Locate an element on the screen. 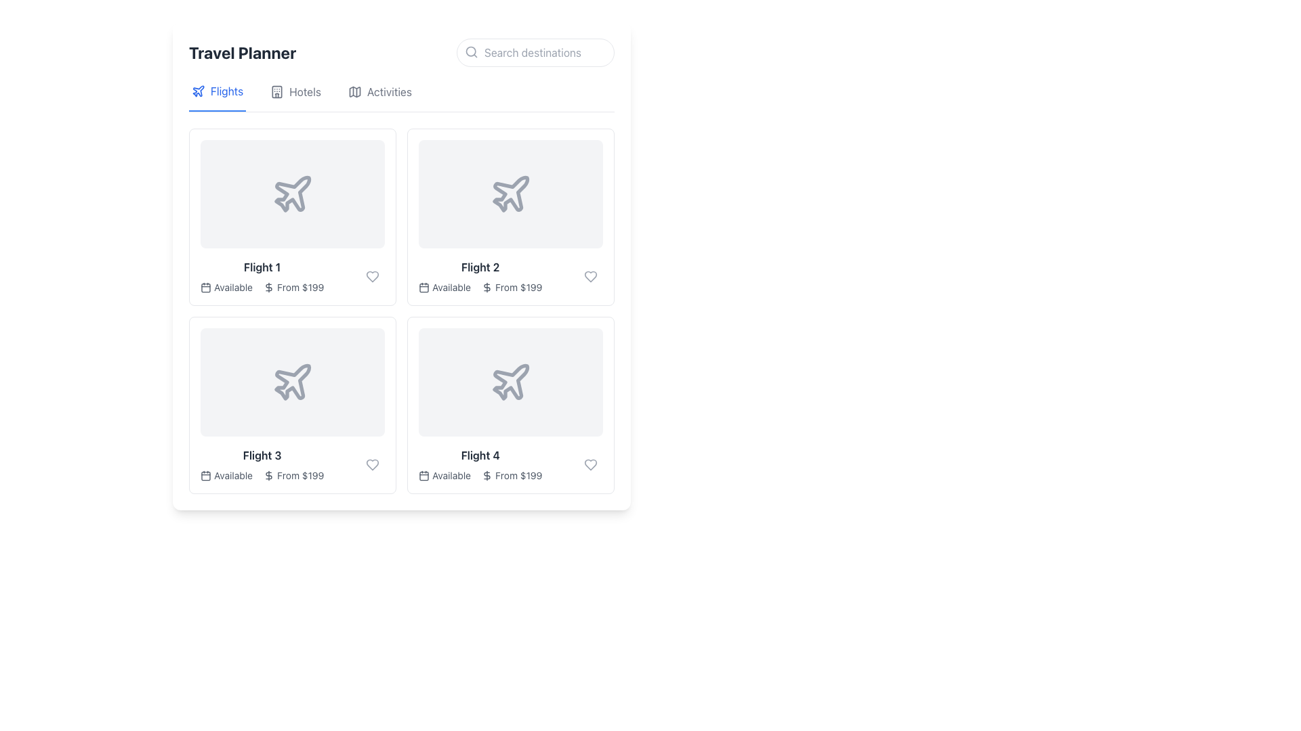  the 'Flight 3' card that contains the airplane icon, which is outlined in gray and visually centered within the card is located at coordinates (292, 382).